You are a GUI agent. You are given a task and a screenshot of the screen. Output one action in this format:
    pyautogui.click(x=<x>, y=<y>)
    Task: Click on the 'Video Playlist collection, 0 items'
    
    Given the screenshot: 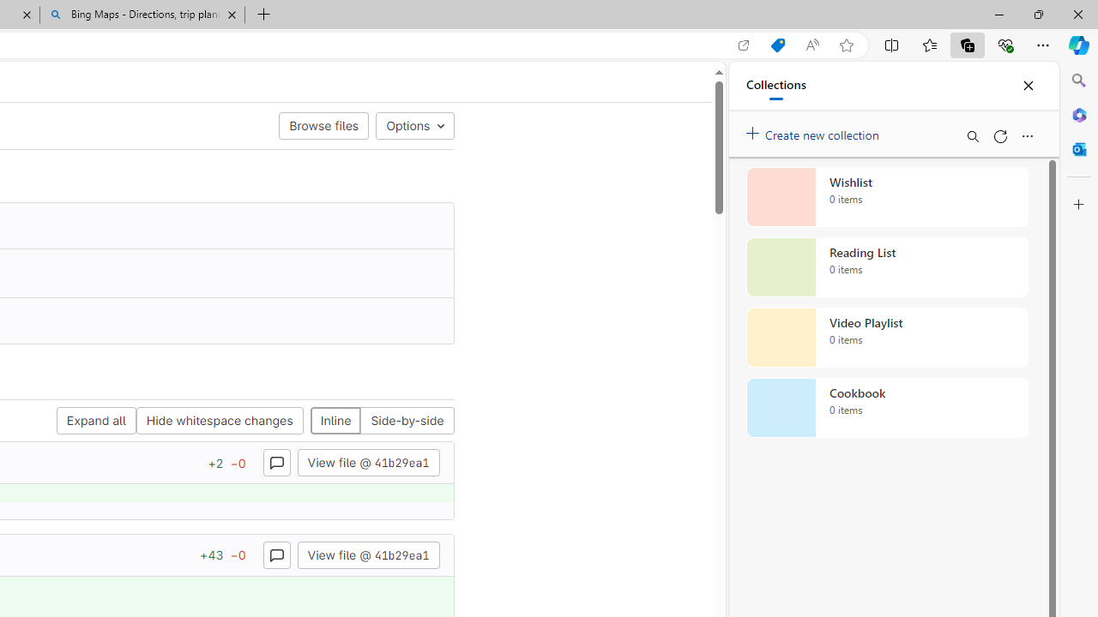 What is the action you would take?
    pyautogui.click(x=887, y=338)
    